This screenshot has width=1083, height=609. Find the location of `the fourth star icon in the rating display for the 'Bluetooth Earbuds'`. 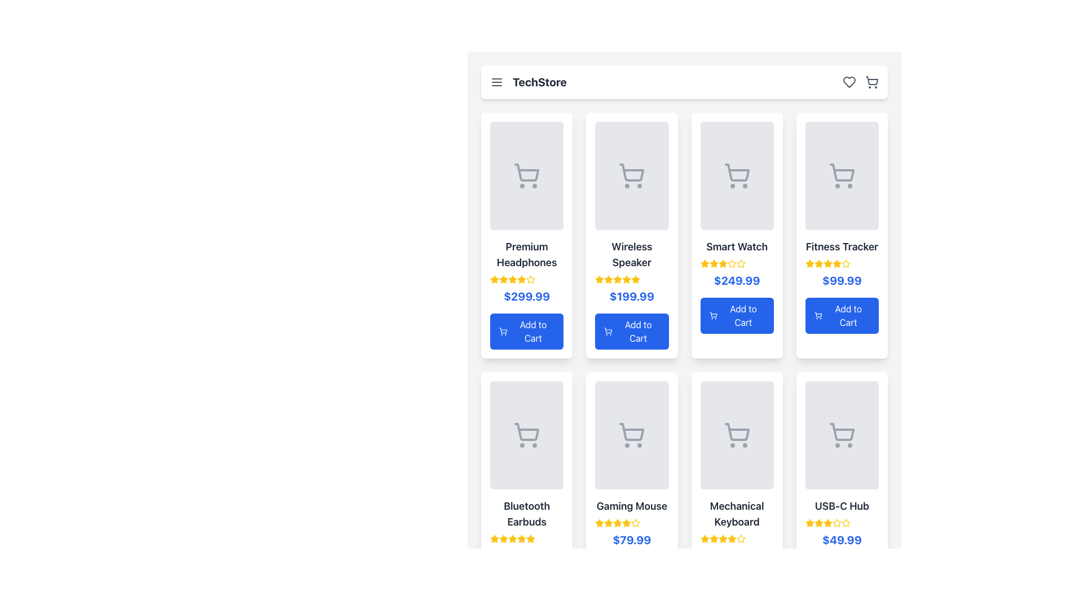

the fourth star icon in the rating display for the 'Bluetooth Earbuds' is located at coordinates (512, 539).